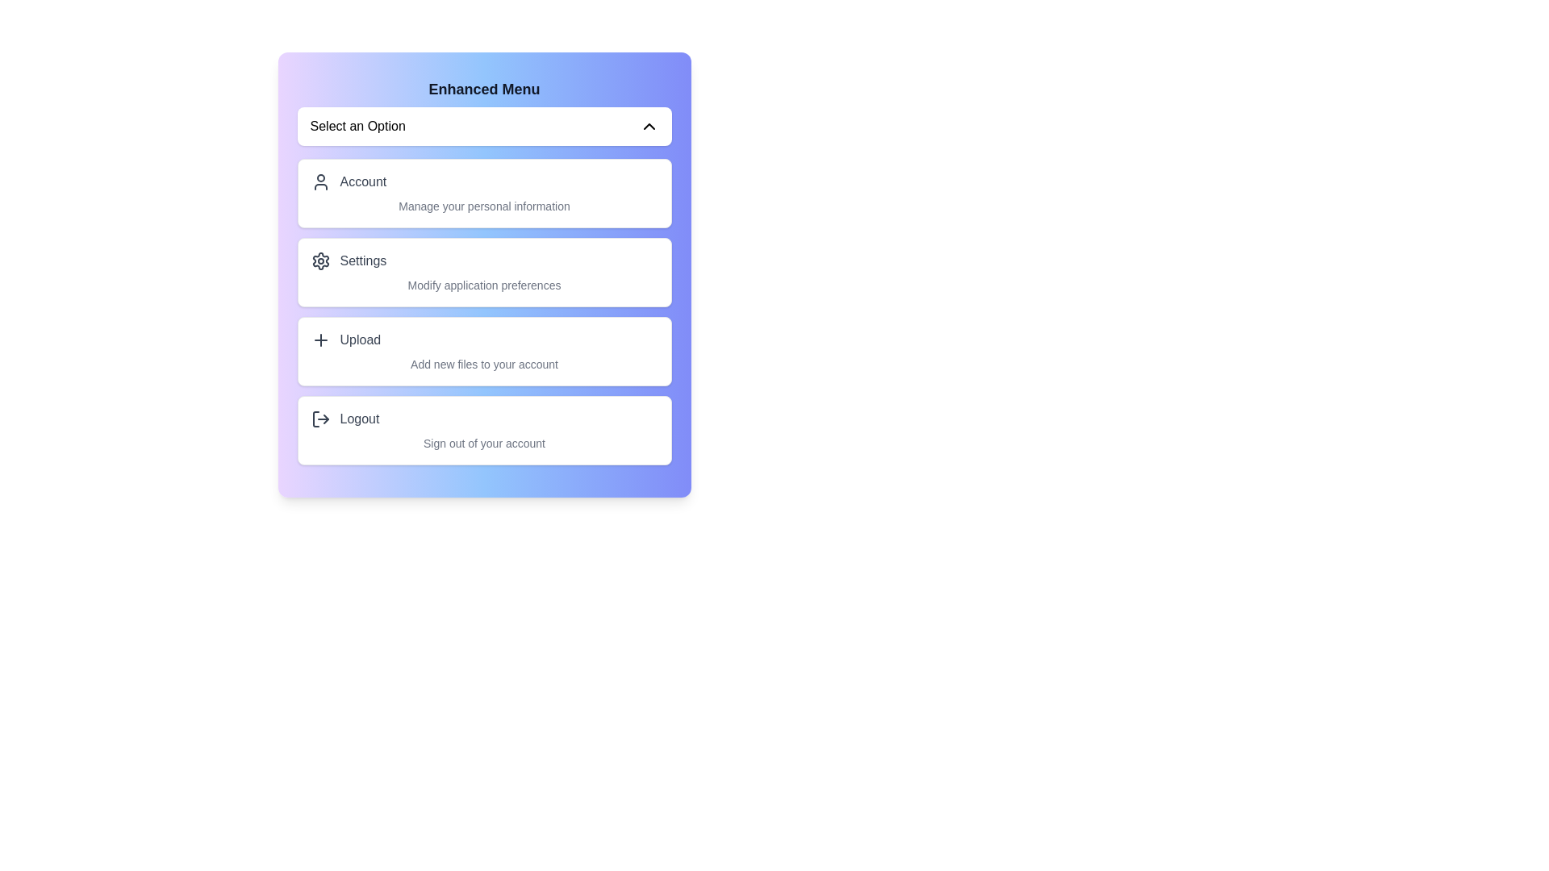 This screenshot has width=1549, height=871. Describe the element at coordinates (483, 350) in the screenshot. I see `the menu option corresponding to Upload to select it` at that location.